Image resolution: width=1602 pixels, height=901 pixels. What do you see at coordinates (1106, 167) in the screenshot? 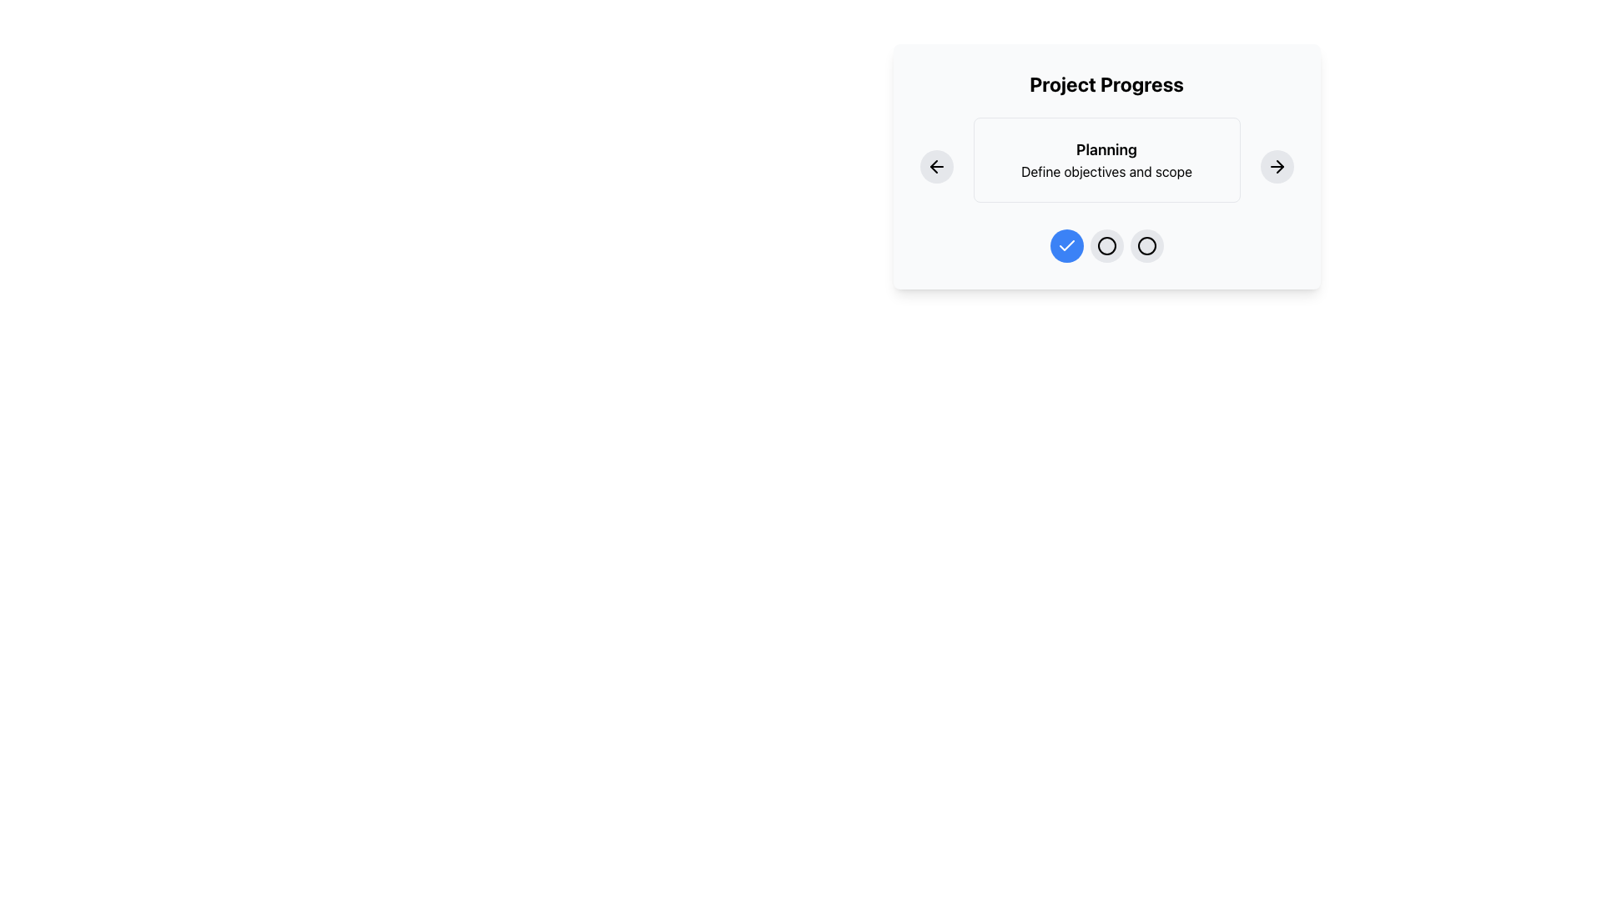
I see `the informational display panel that shows the title and description of a specific step in the progress tracker, positioned between the left and right arrow buttons and below the 'Project Progress' title` at bounding box center [1106, 167].